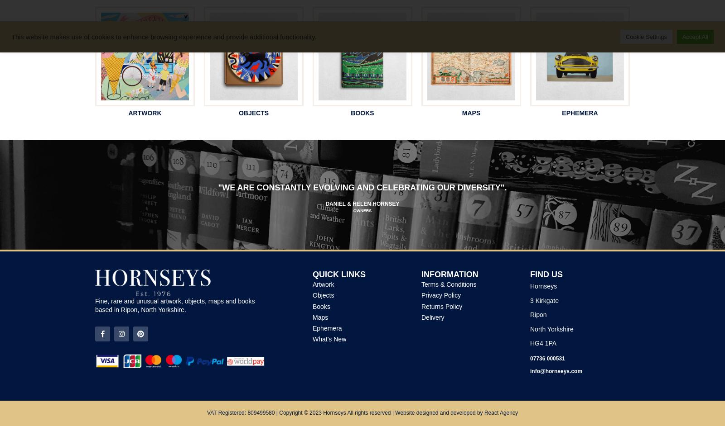 This screenshot has height=426, width=725. Describe the element at coordinates (339, 274) in the screenshot. I see `'QUICK LINKS'` at that location.